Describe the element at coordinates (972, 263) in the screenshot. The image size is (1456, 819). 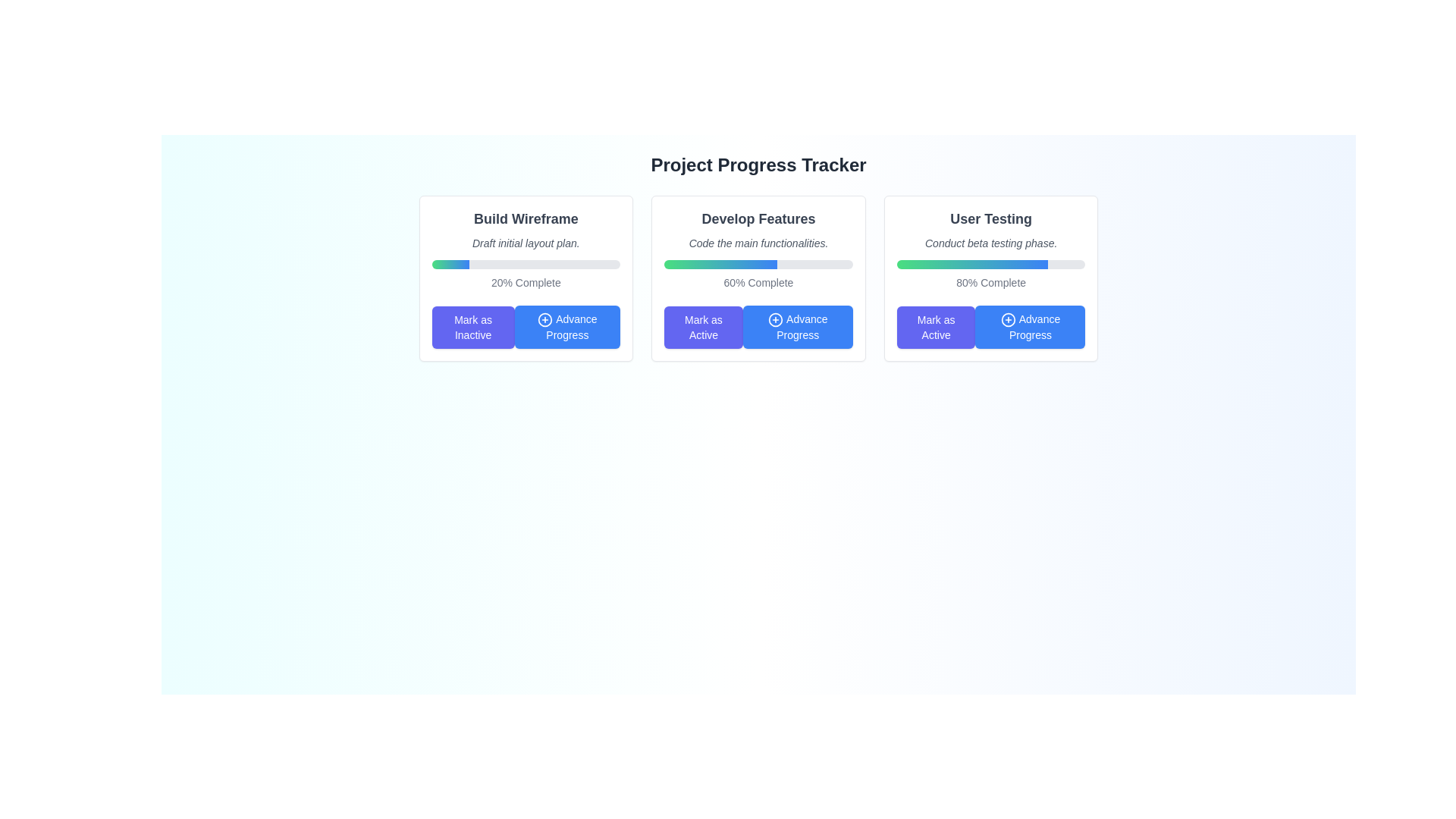
I see `the Gradient Progress Bar, which is a filled horizontal bar with a gradient background from green to blue, located beneath the 'User Testing' header` at that location.